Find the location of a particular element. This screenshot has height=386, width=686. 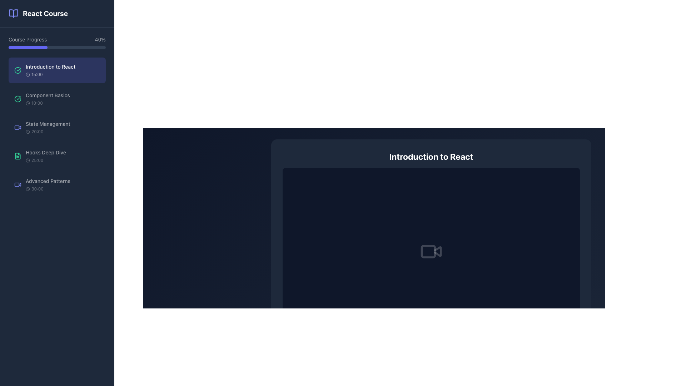

the emerald green file-like icon that resembles a standard document, located to the left of the 'Hooks Deep Dive' text in the course elements list is located at coordinates (18, 155).